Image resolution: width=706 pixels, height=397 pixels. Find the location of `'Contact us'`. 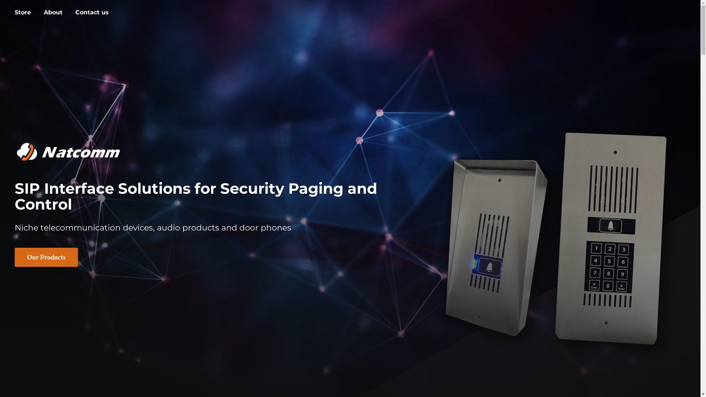

'Contact us' is located at coordinates (92, 12).